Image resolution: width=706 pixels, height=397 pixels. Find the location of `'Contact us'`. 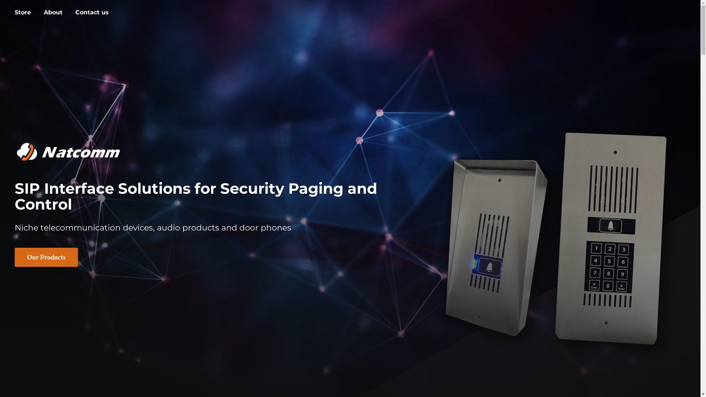

'Contact us' is located at coordinates (92, 12).